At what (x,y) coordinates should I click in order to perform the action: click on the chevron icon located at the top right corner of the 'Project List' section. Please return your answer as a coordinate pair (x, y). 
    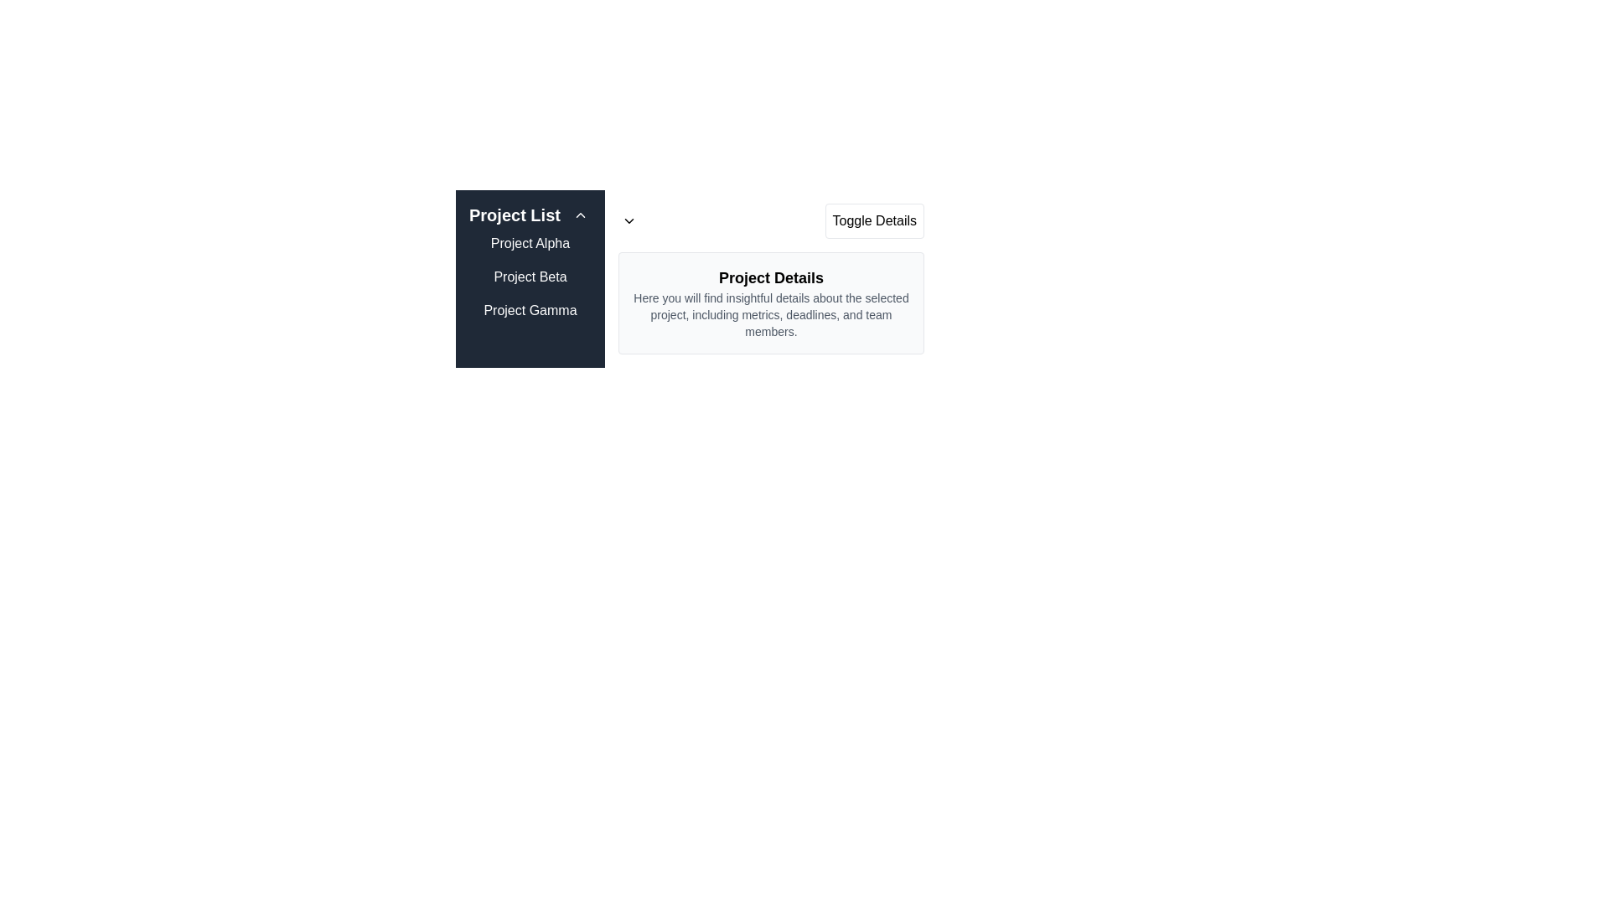
    Looking at the image, I should click on (628, 220).